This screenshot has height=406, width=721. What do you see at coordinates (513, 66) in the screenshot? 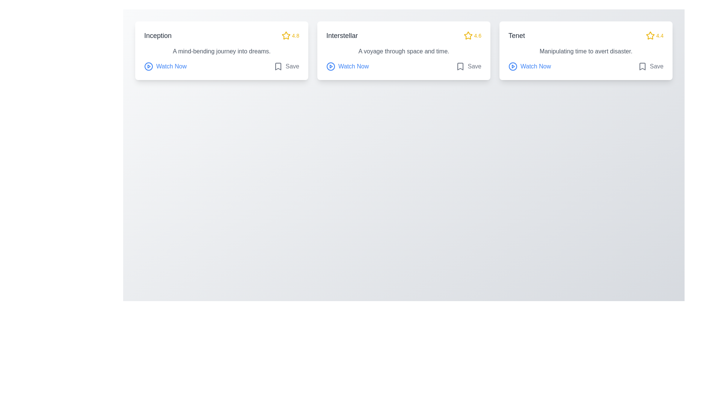
I see `the play action icon located within the 'Watch Now' button to the left of the 'Watch Now' text on the third card for the movie 'Tenet'` at bounding box center [513, 66].